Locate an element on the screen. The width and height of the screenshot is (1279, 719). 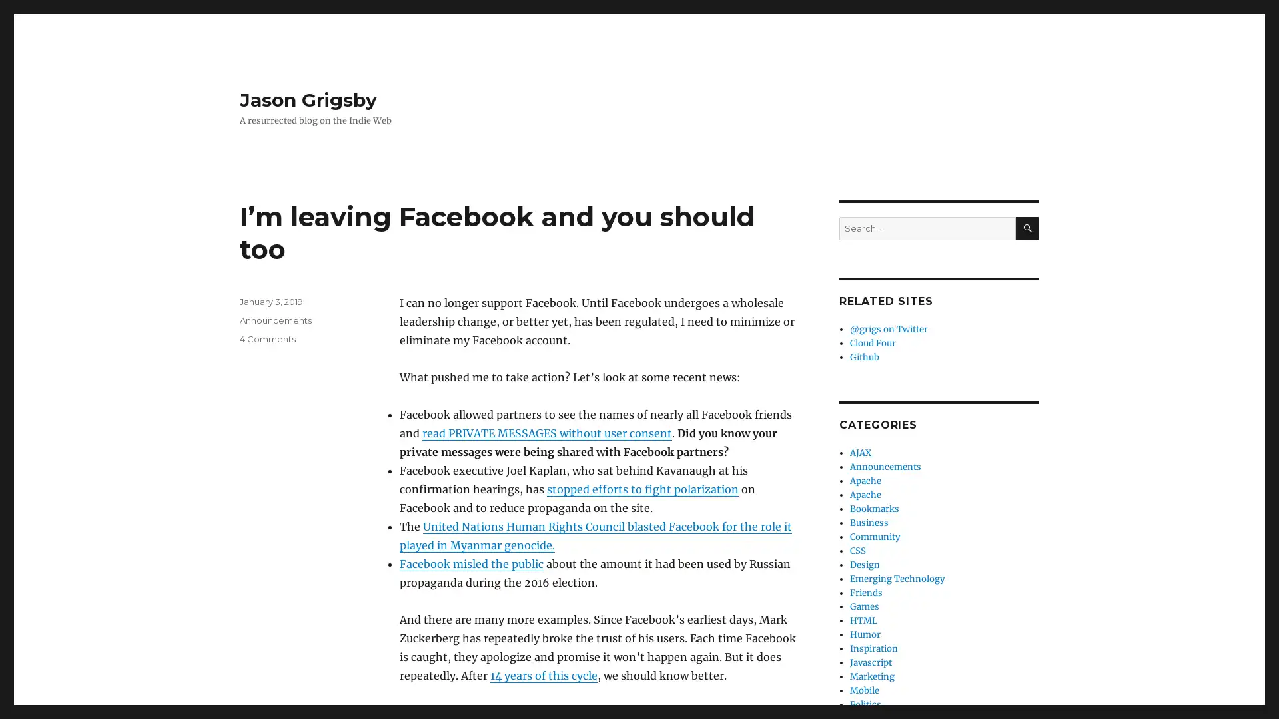
SEARCH is located at coordinates (1027, 228).